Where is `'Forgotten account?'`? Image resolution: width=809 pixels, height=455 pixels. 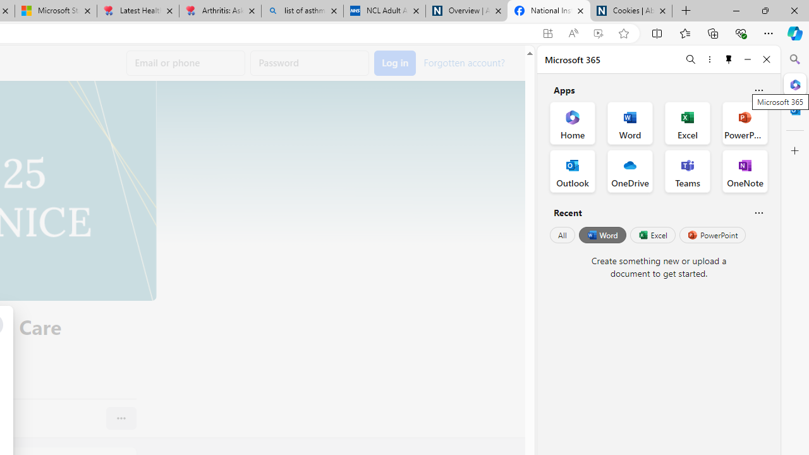
'Forgotten account?' is located at coordinates (463, 62).